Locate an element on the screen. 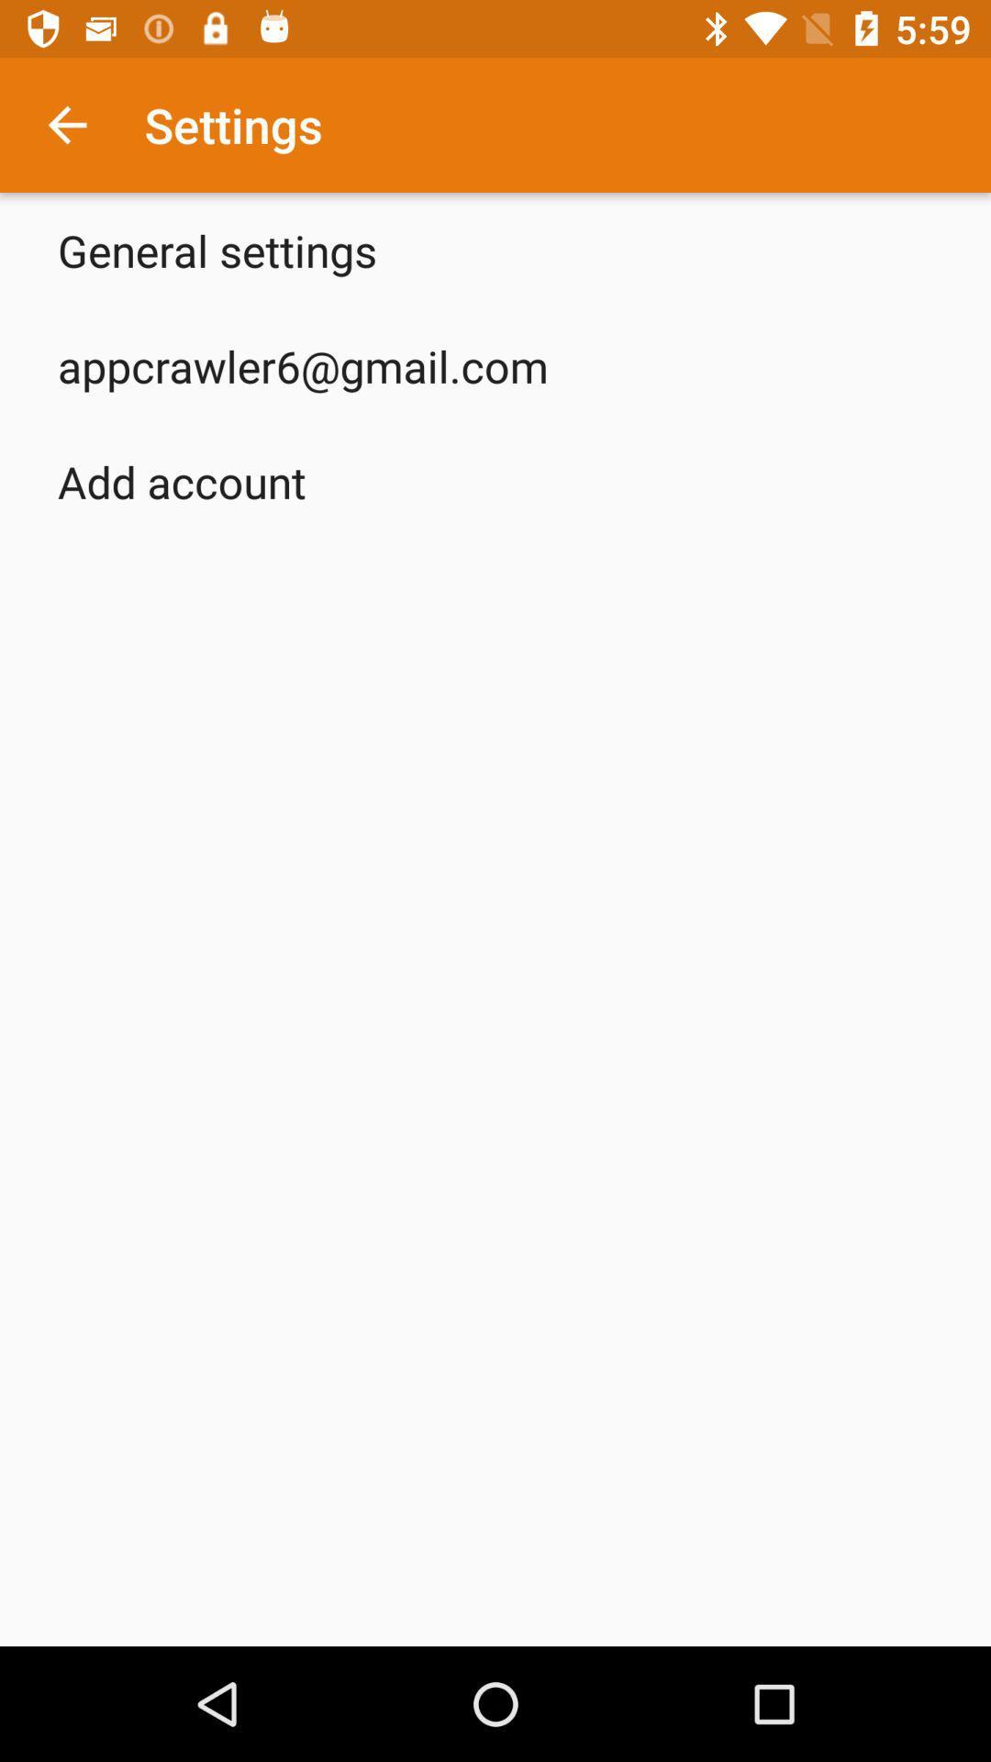 Image resolution: width=991 pixels, height=1762 pixels. the add account icon is located at coordinates (182, 481).